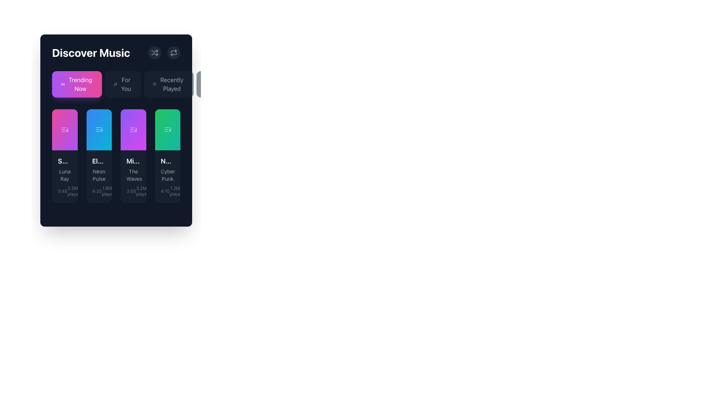 The width and height of the screenshot is (704, 396). What do you see at coordinates (168, 84) in the screenshot?
I see `the third button in the button group at the top section of the card to filter content to show items recently played by the user` at bounding box center [168, 84].